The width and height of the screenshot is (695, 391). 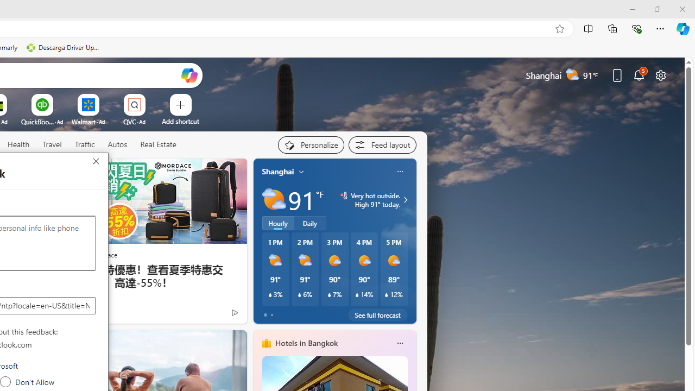 What do you see at coordinates (274, 200) in the screenshot?
I see `'Partly sunny'` at bounding box center [274, 200].